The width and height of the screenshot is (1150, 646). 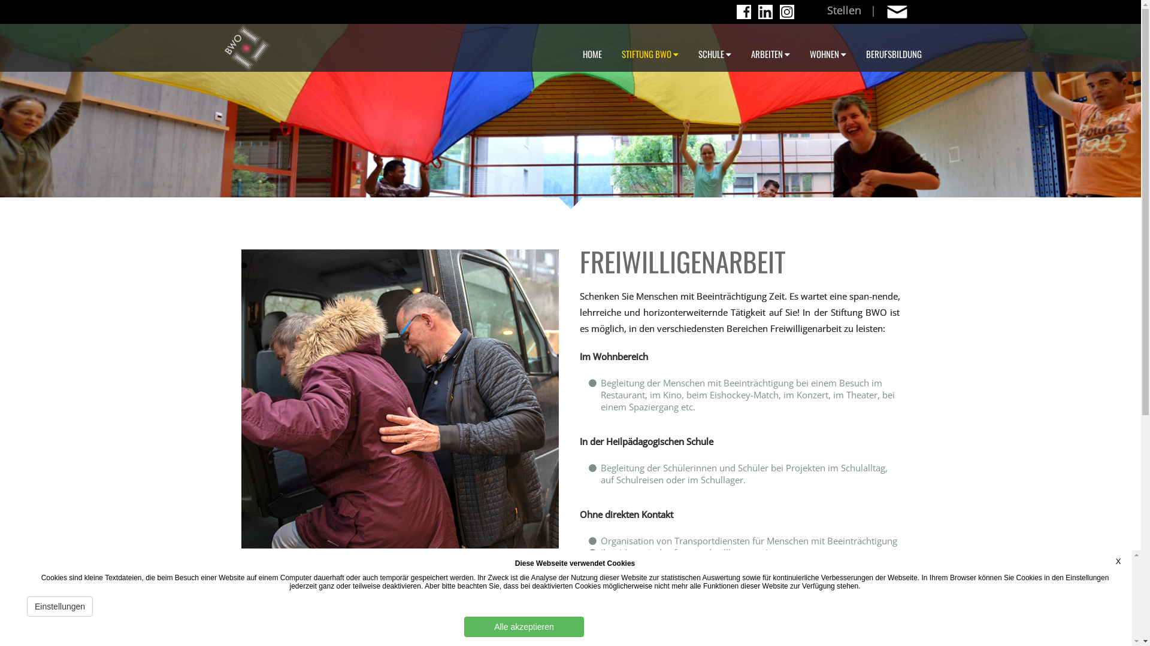 What do you see at coordinates (1118, 560) in the screenshot?
I see `'X'` at bounding box center [1118, 560].